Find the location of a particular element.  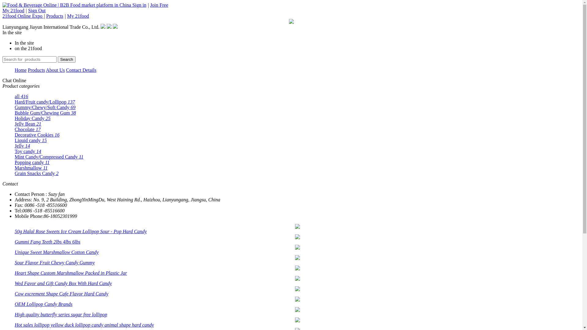

'Contact Details' is located at coordinates (81, 70).